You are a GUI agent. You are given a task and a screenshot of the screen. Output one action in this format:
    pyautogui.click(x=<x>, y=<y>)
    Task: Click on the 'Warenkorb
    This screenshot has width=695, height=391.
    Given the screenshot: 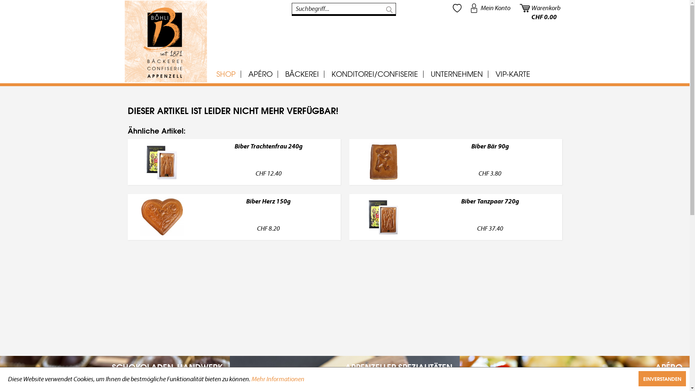 What is the action you would take?
    pyautogui.click(x=540, y=8)
    